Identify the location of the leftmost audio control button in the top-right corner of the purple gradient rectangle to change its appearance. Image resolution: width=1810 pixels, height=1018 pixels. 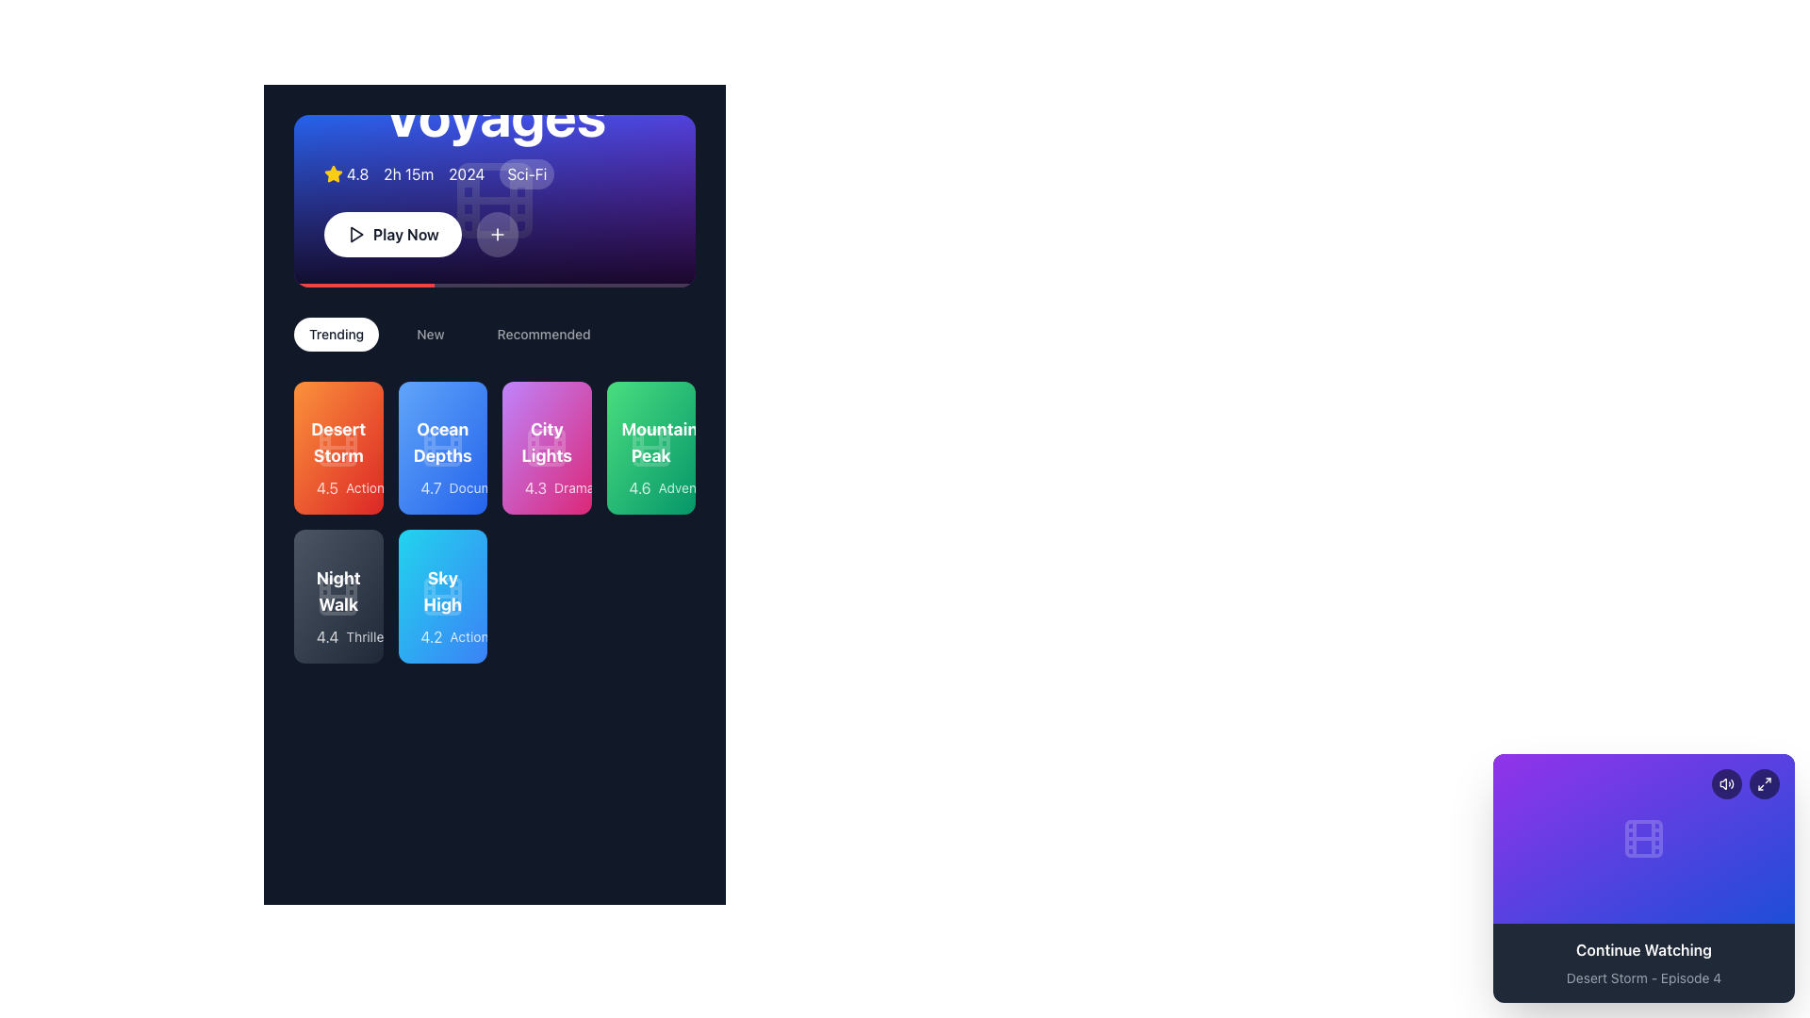
(1727, 784).